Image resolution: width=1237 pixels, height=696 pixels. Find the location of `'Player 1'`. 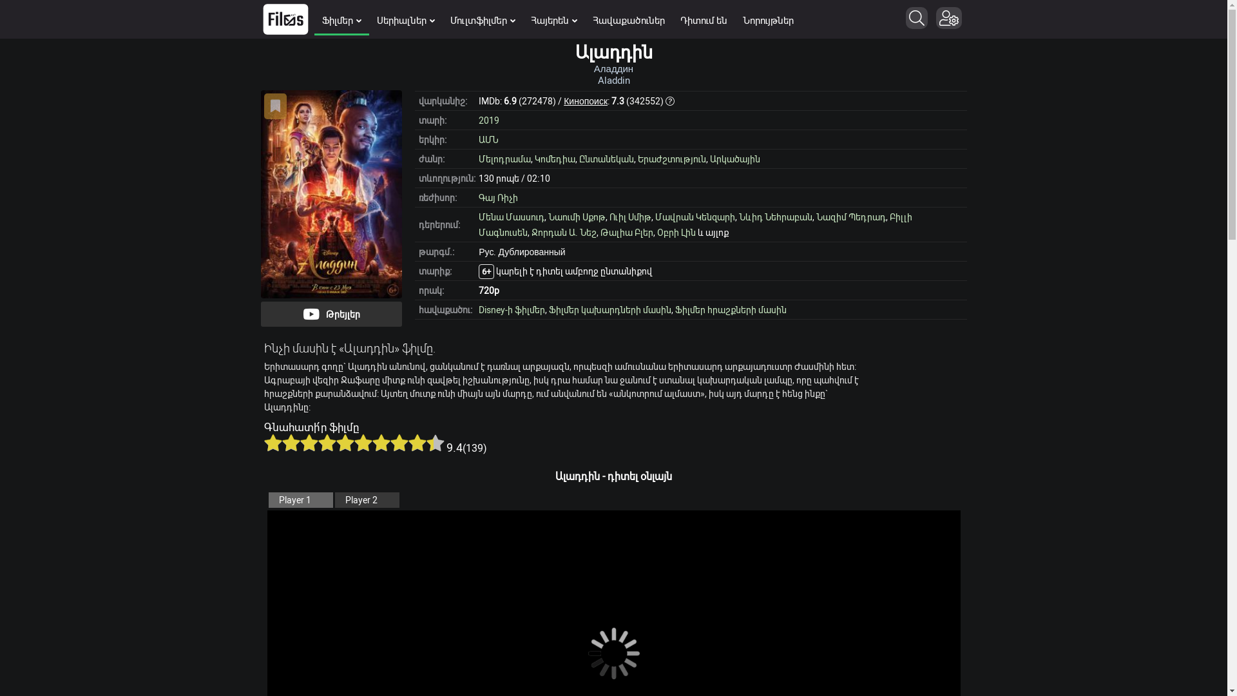

'Player 1' is located at coordinates (299, 499).